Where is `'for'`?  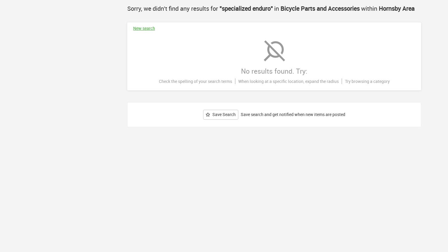
'for' is located at coordinates (214, 8).